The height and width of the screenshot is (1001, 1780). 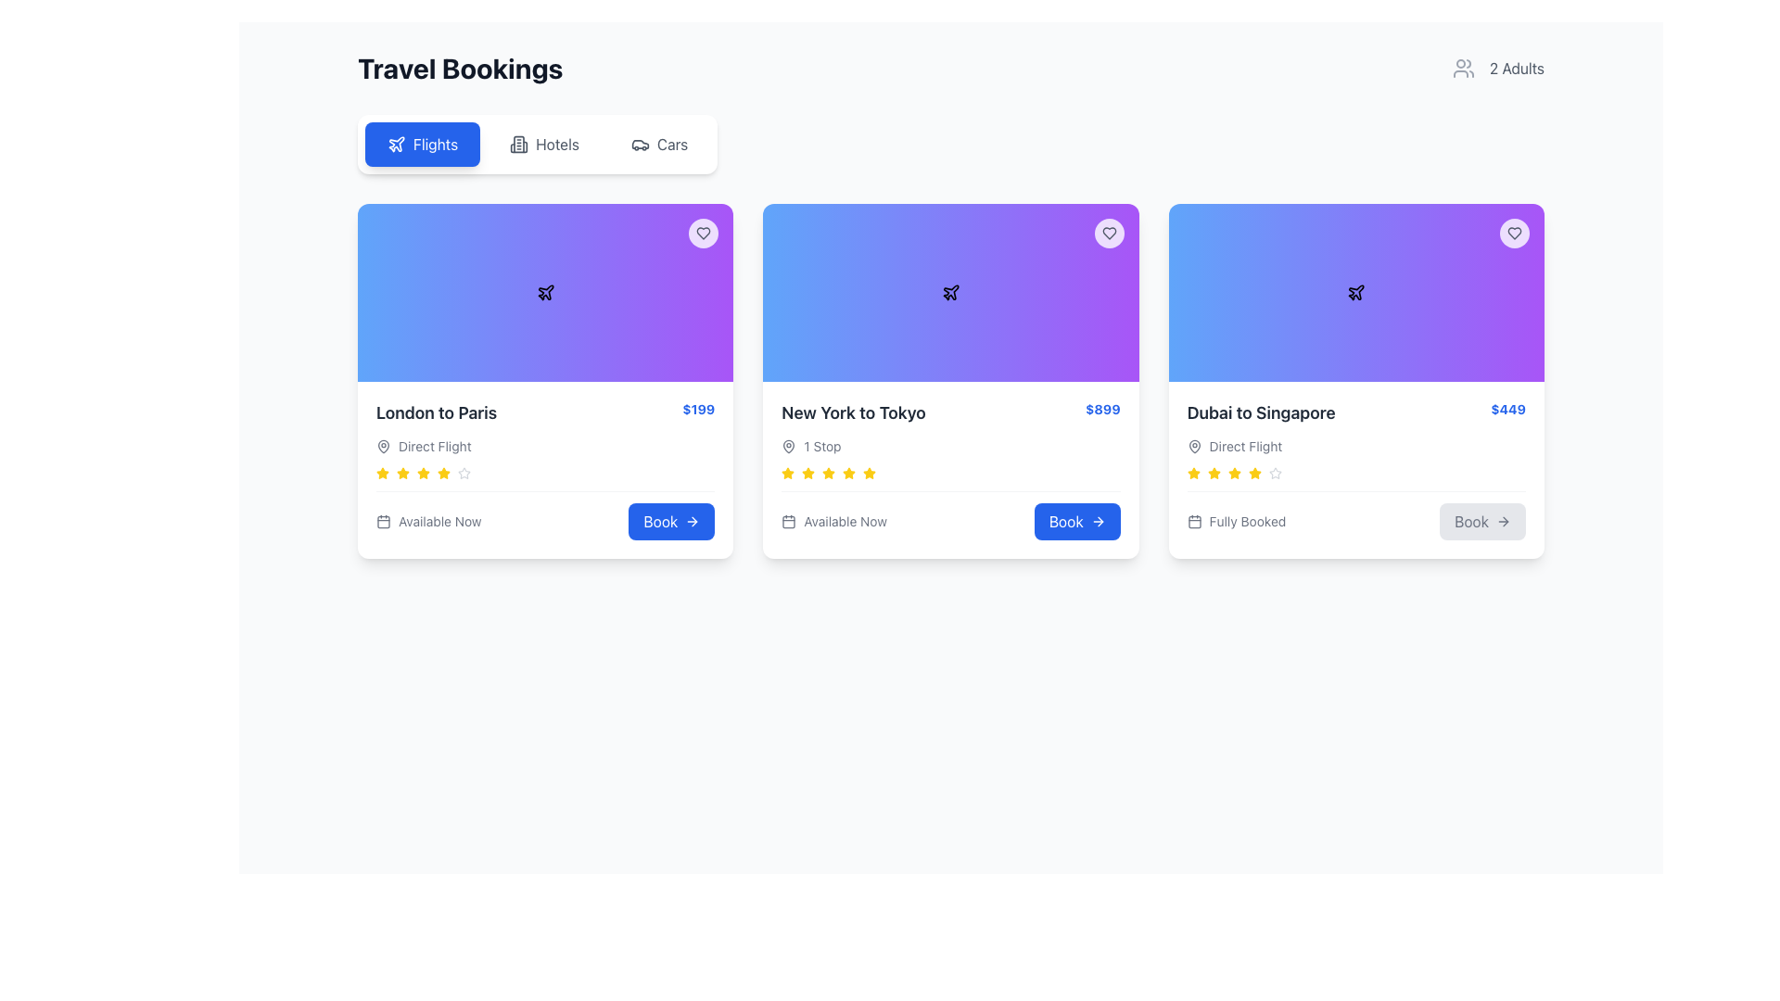 What do you see at coordinates (821, 447) in the screenshot?
I see `information from the '1 Stop' text label, which is styled in a subdued color tone and located next to a map pin icon in the middle card of the interface` at bounding box center [821, 447].